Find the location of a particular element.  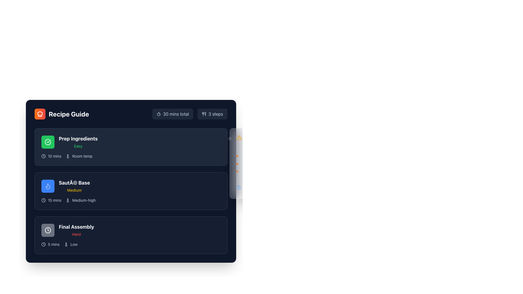

the 'Recipe Guide' icon located at the top-left corner of the interface is located at coordinates (40, 114).